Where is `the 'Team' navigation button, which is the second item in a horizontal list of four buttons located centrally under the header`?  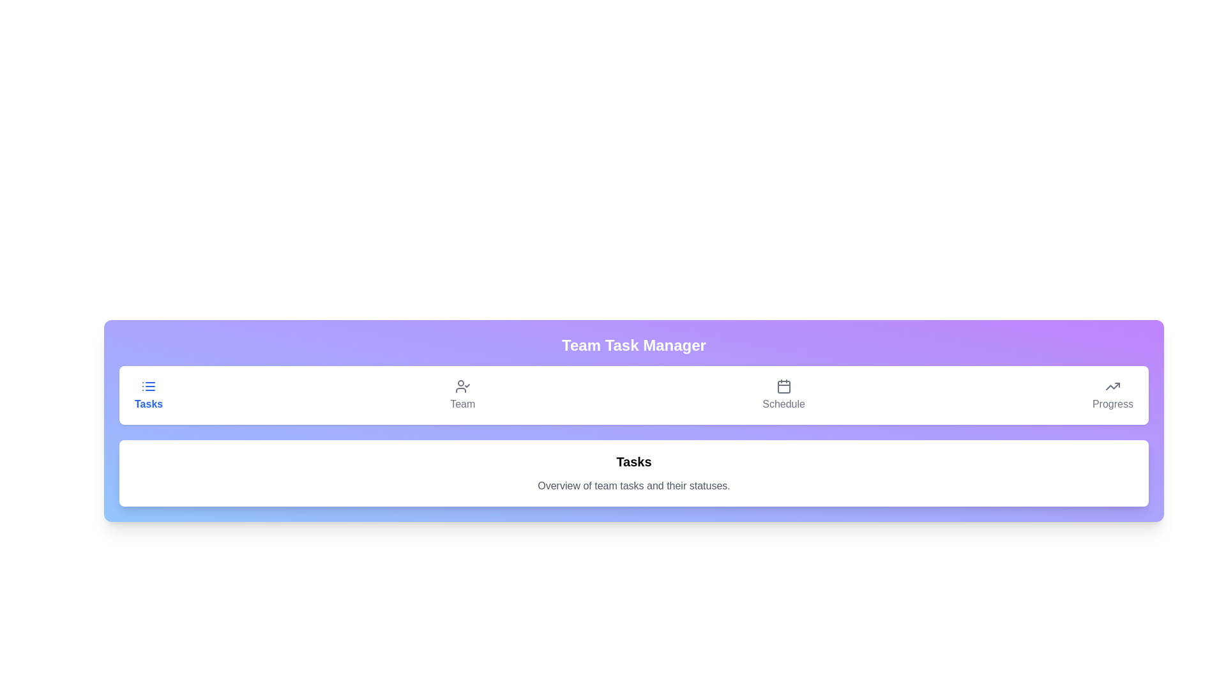 the 'Team' navigation button, which is the second item in a horizontal list of four buttons located centrally under the header is located at coordinates (462, 394).